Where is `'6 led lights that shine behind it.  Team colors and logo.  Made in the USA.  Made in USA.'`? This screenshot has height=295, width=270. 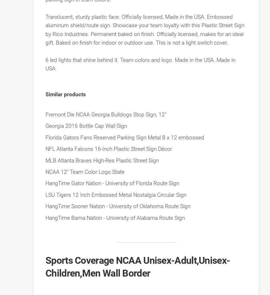
'6 led lights that shine behind it.  Team colors and logo.  Made in the USA.  Made in USA.' is located at coordinates (140, 64).